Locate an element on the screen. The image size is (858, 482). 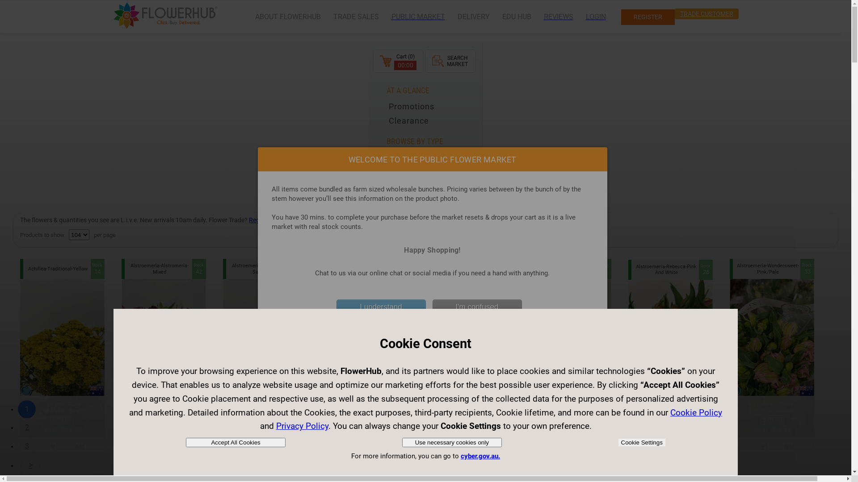
'REGISTER' is located at coordinates (621, 17).